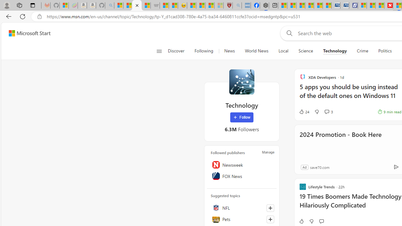 Image resolution: width=402 pixels, height=226 pixels. Describe the element at coordinates (327, 111) in the screenshot. I see `'View comments 3 Comment'` at that location.